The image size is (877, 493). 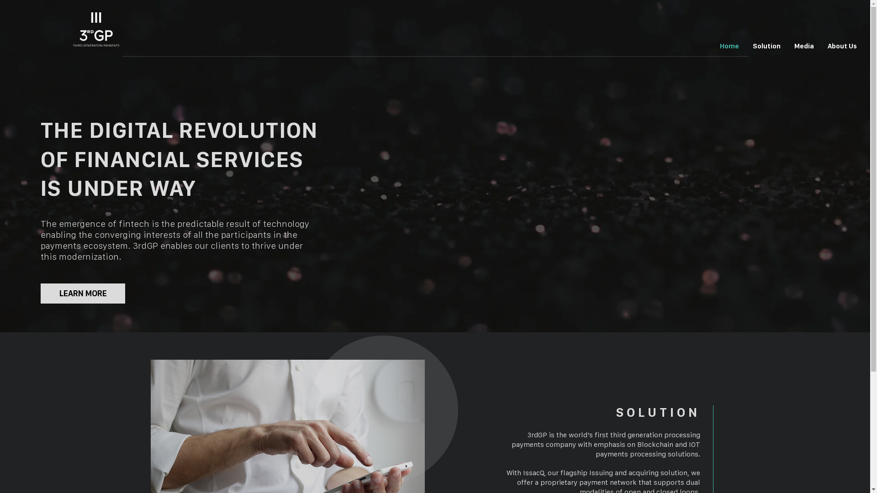 What do you see at coordinates (841, 46) in the screenshot?
I see `'About Us'` at bounding box center [841, 46].